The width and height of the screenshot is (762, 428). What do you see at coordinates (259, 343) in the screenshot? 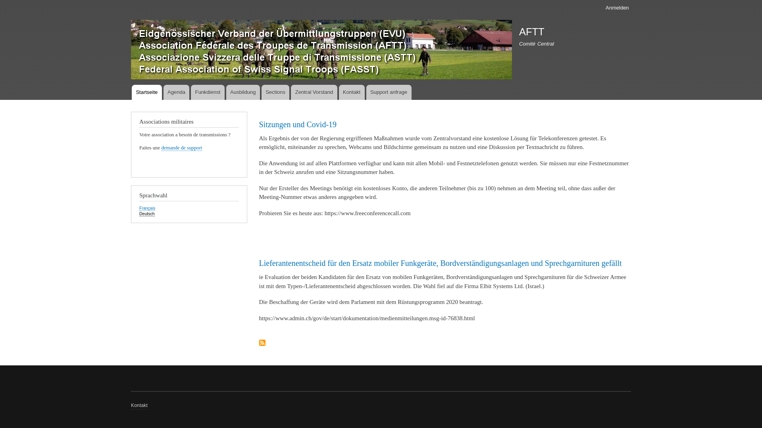
I see `'abonnieren'` at bounding box center [259, 343].